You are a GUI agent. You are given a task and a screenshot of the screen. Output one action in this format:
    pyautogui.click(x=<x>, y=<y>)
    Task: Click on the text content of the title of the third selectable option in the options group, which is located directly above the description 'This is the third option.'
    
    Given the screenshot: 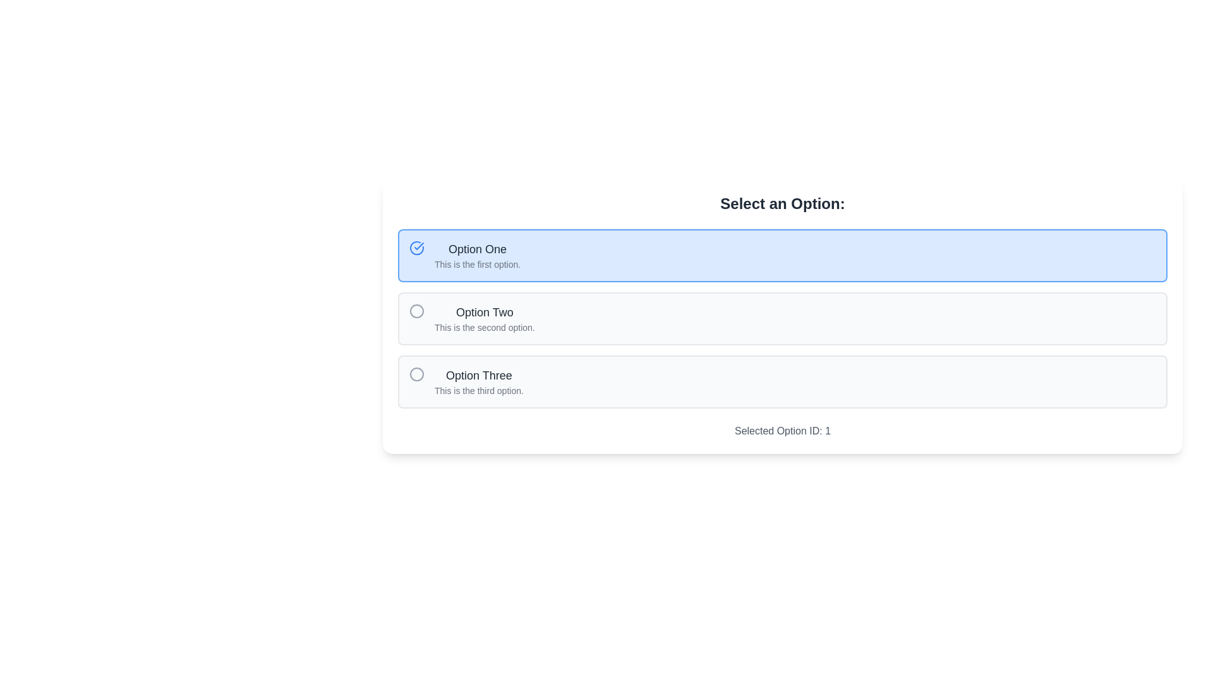 What is the action you would take?
    pyautogui.click(x=478, y=374)
    